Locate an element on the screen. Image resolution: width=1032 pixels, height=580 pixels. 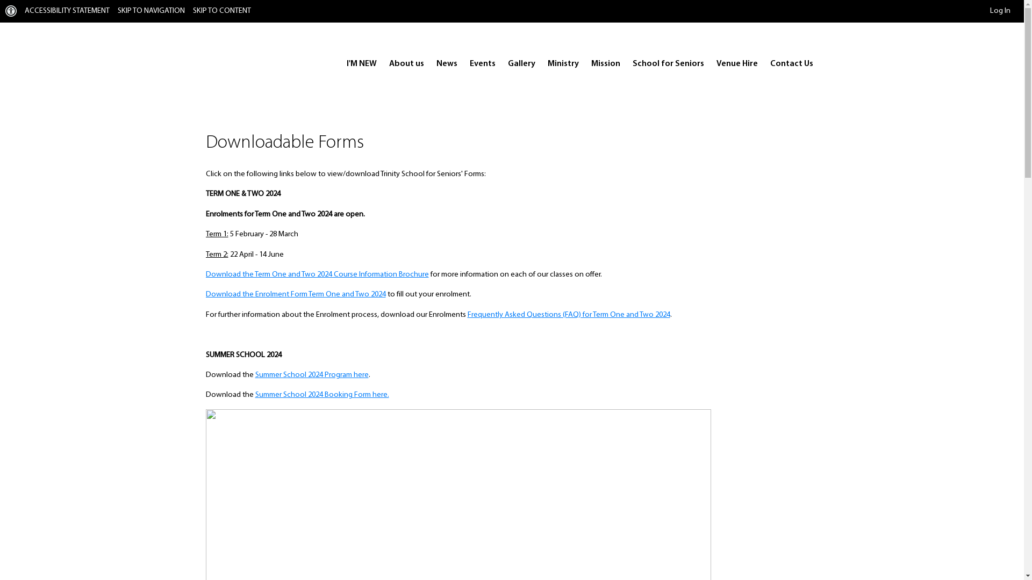
'Log In' is located at coordinates (990, 11).